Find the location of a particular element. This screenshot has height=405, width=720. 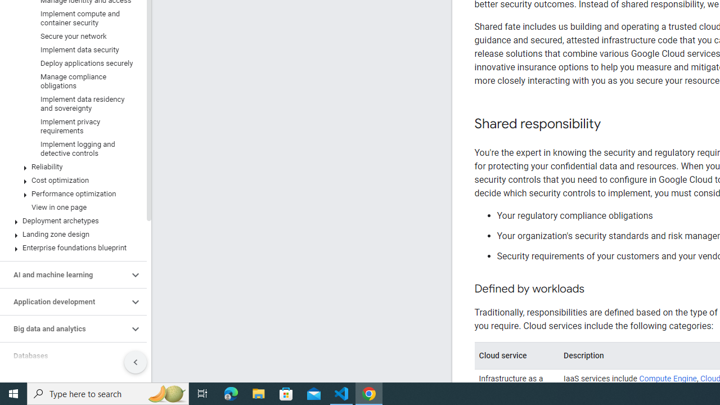

'Deploy applications securely' is located at coordinates (70, 64).